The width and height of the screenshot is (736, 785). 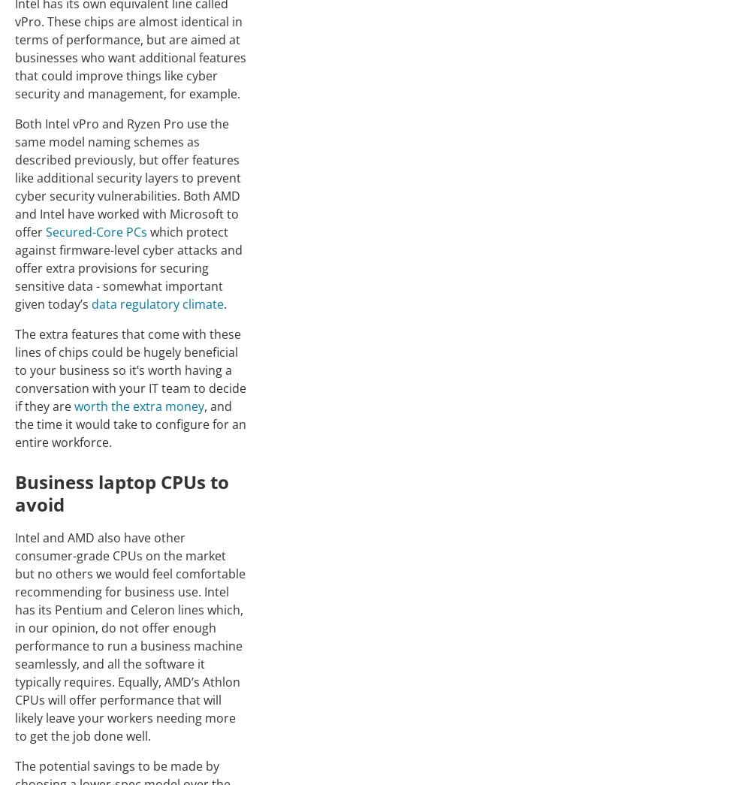 I want to click on 'worth the extra money', so click(x=139, y=405).